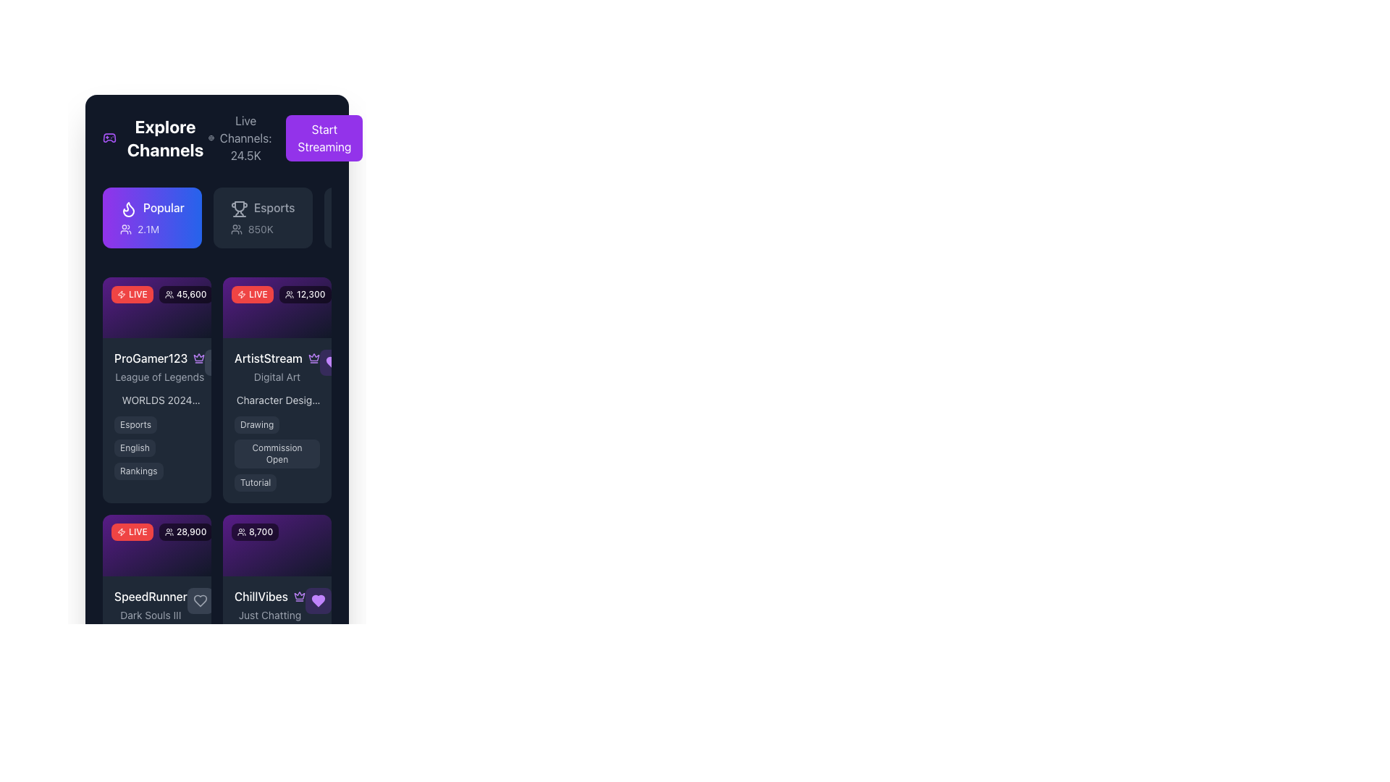  I want to click on the lower-left item in the second row of the vertical list, which is associated with 'SpeedRunner' and 'Dark Souls III', so click(156, 604).